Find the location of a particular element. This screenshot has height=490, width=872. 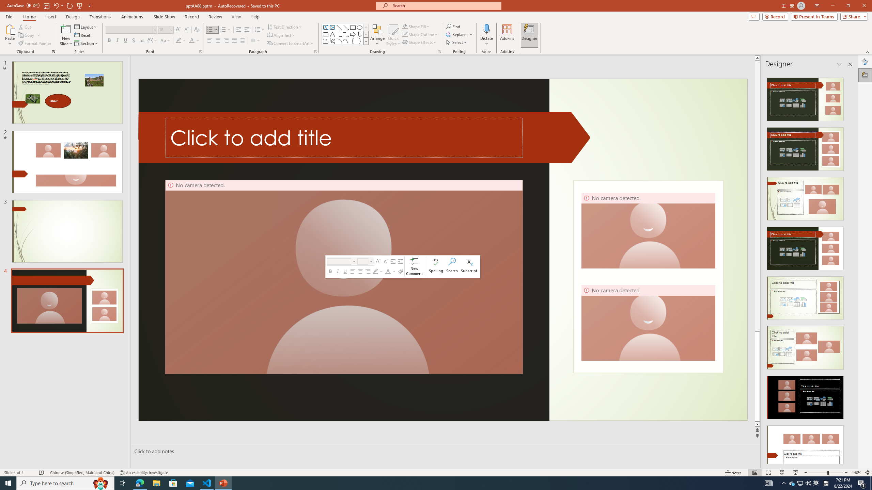

'Camera 4, No camera detected.' is located at coordinates (648, 322).